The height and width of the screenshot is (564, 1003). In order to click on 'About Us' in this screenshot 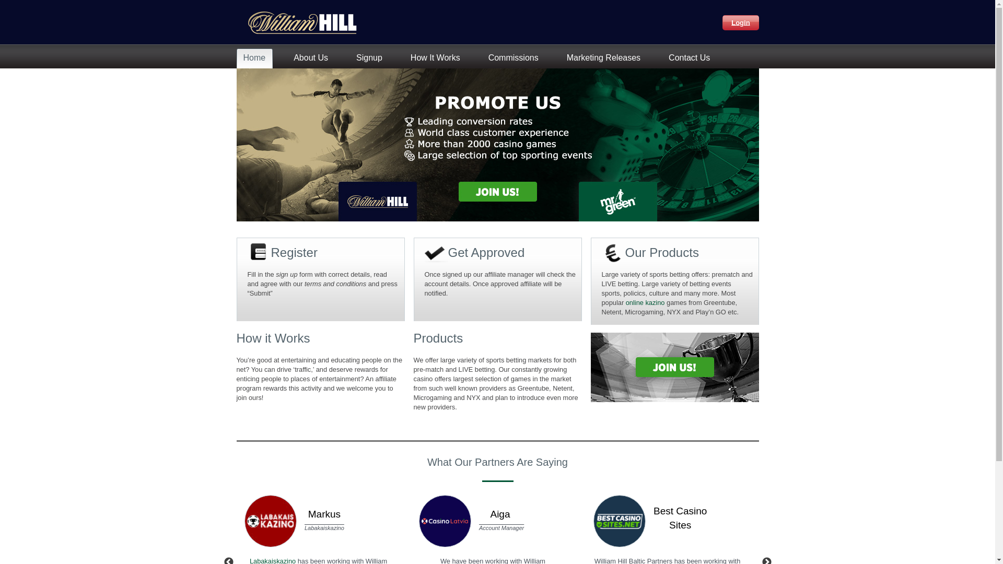, I will do `click(312, 58)`.